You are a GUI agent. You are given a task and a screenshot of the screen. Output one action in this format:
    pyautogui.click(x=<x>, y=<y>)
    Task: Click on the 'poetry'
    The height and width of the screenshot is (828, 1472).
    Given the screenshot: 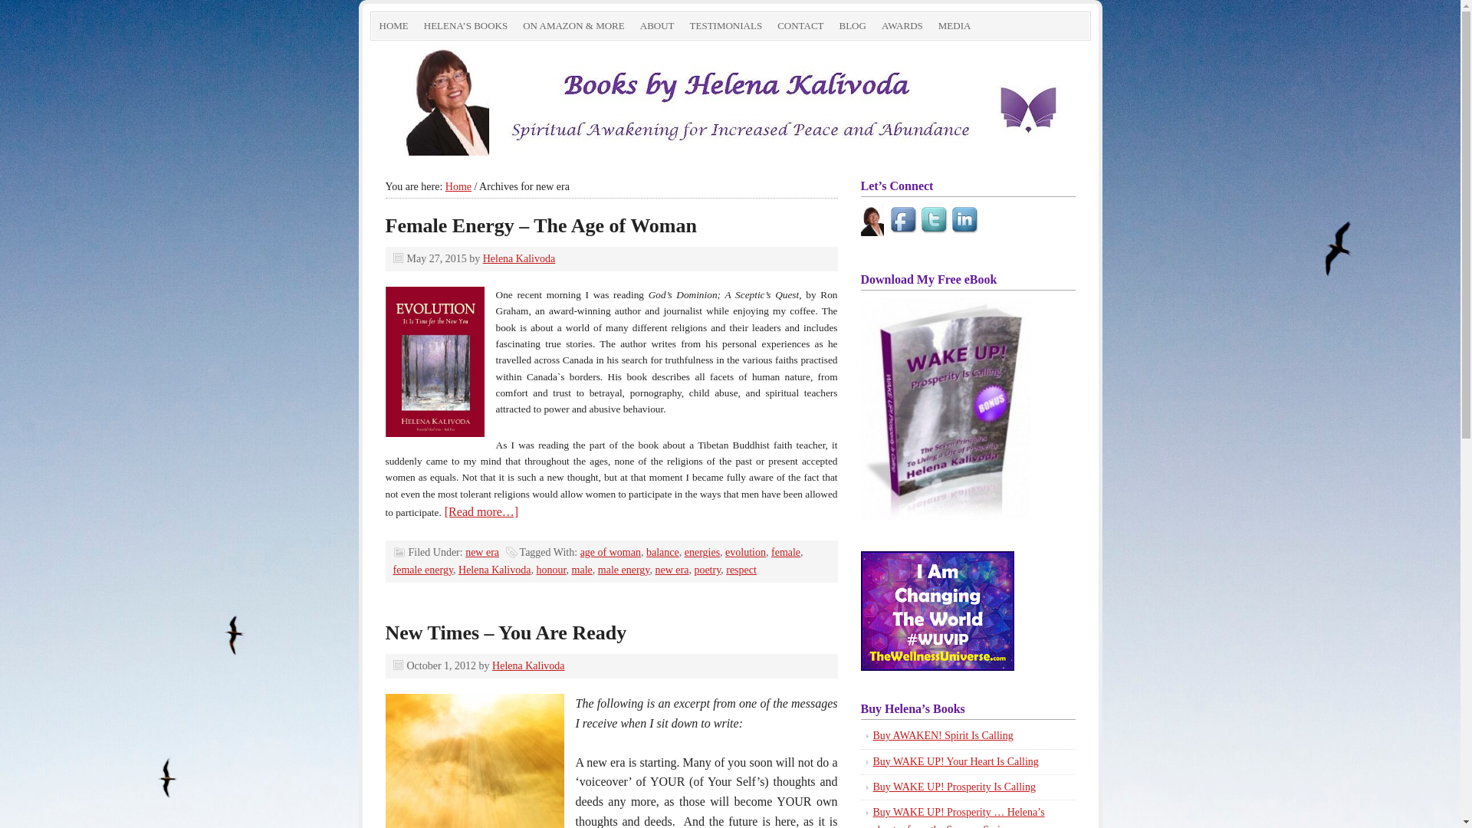 What is the action you would take?
    pyautogui.click(x=706, y=570)
    